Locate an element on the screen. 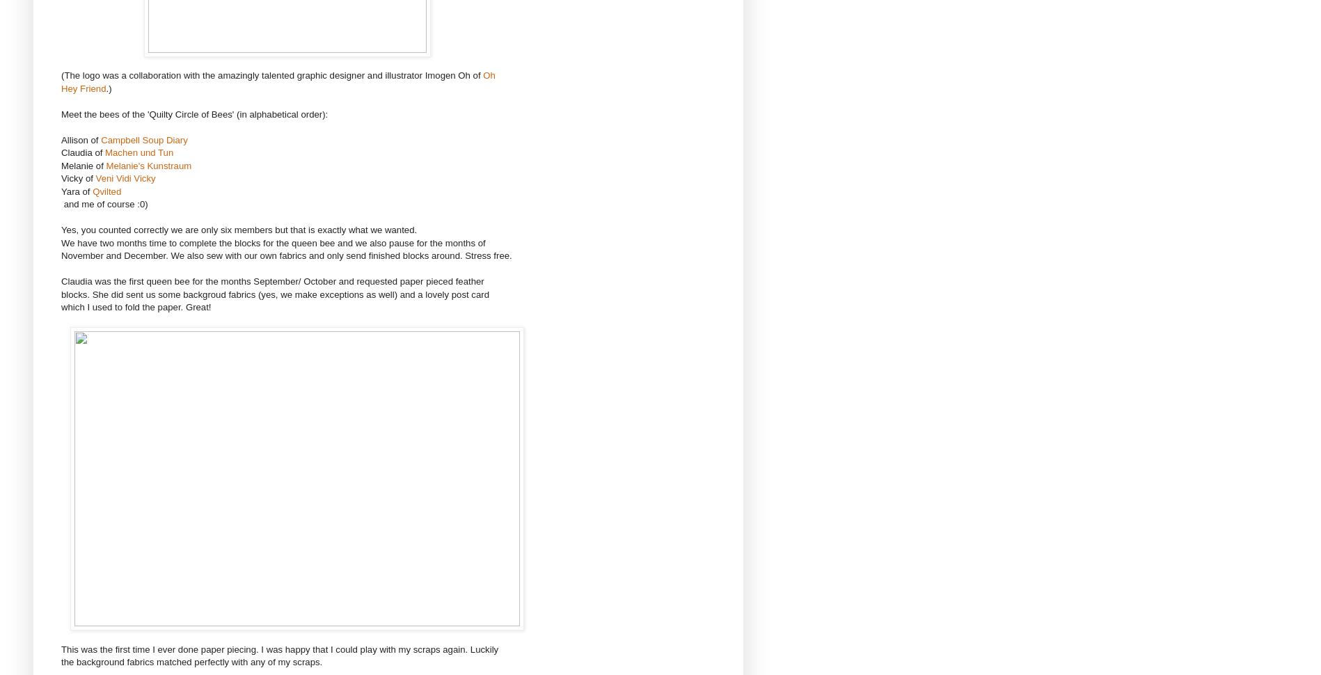 The height and width of the screenshot is (675, 1321). 'Yes, you counted correctly we are only six members but that is exactly what we wanted.' is located at coordinates (239, 230).